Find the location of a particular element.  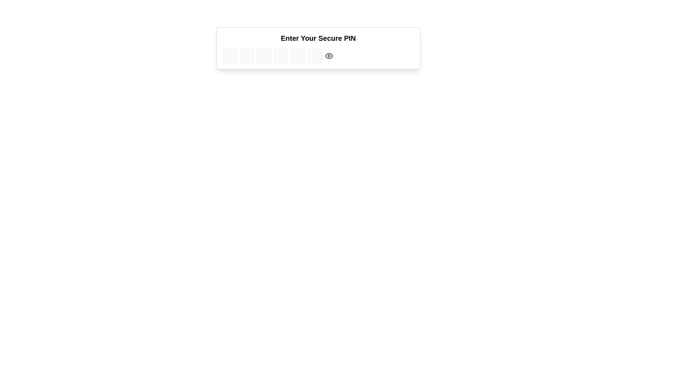

the Password input field, which is the fourth in a horizontal sequence of six, to focus on the field is located at coordinates (280, 56).